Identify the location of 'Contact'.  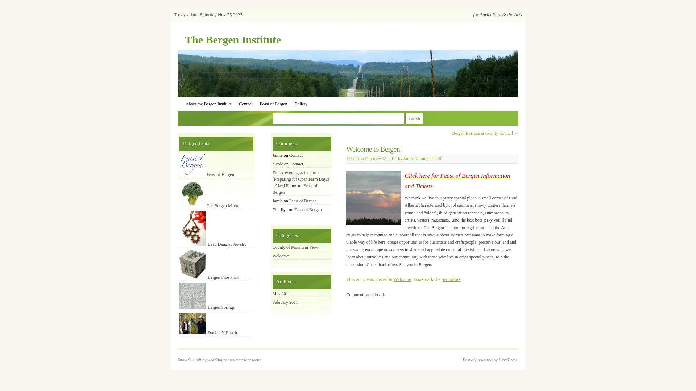
(245, 104).